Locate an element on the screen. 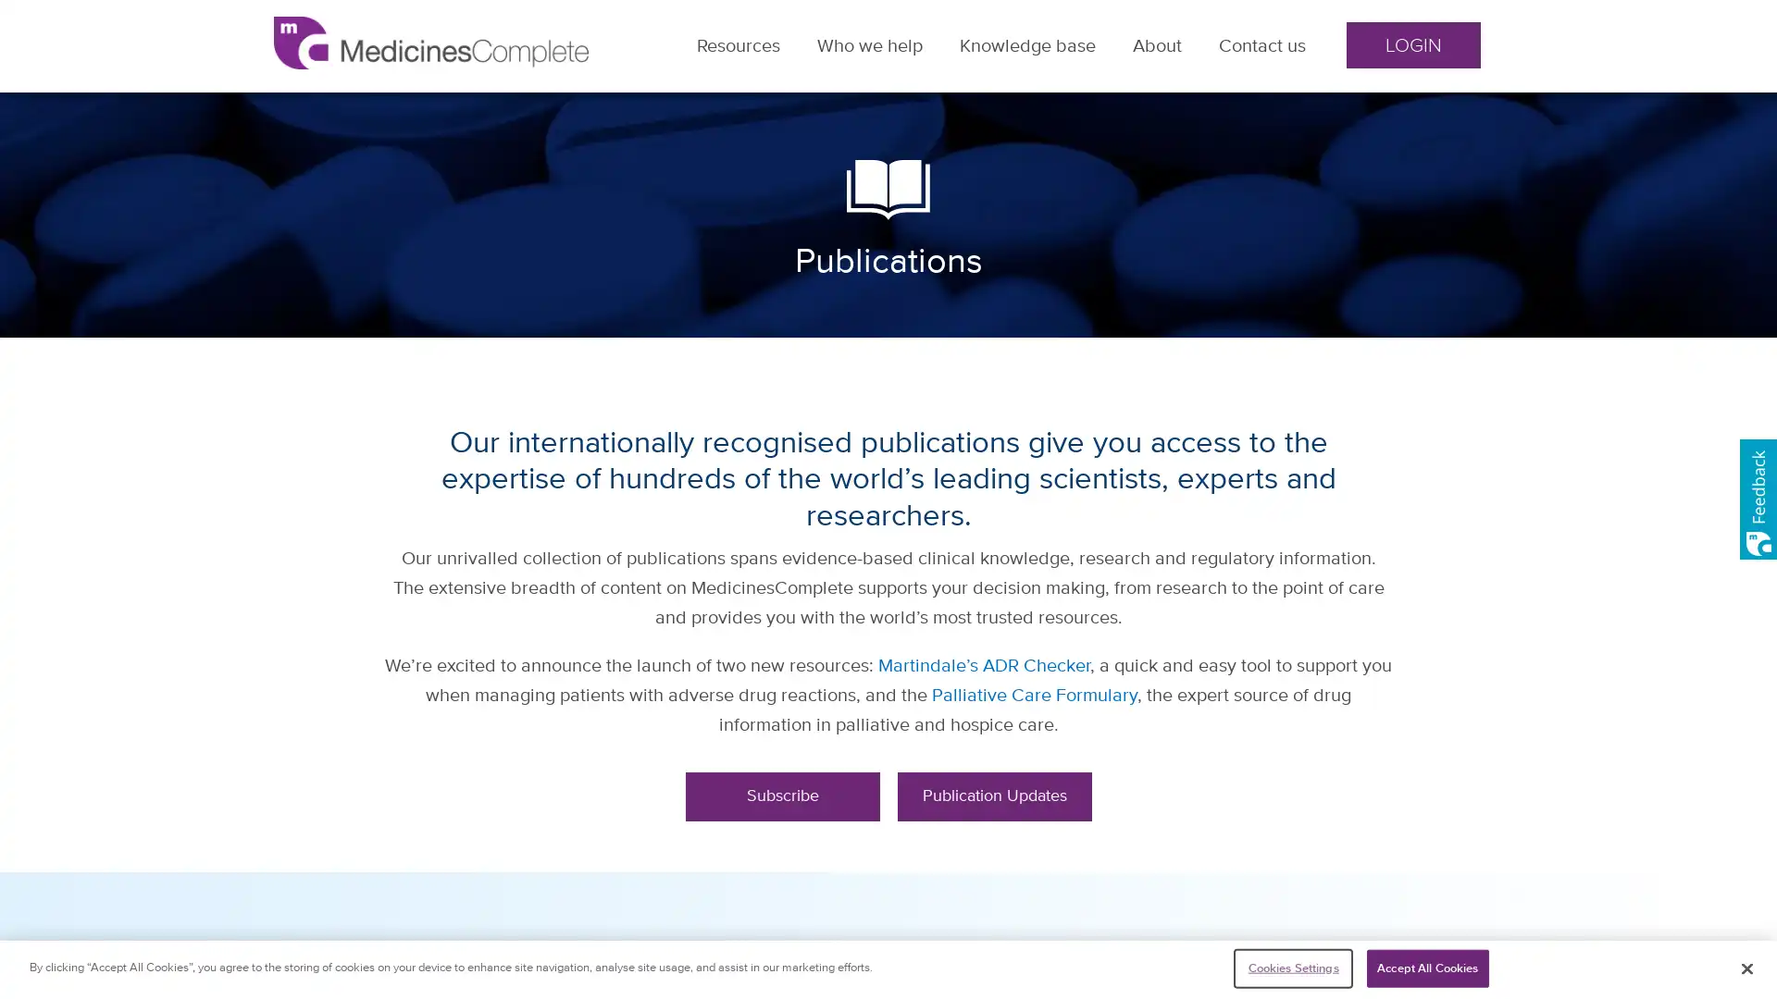  Close is located at coordinates (1746, 967).